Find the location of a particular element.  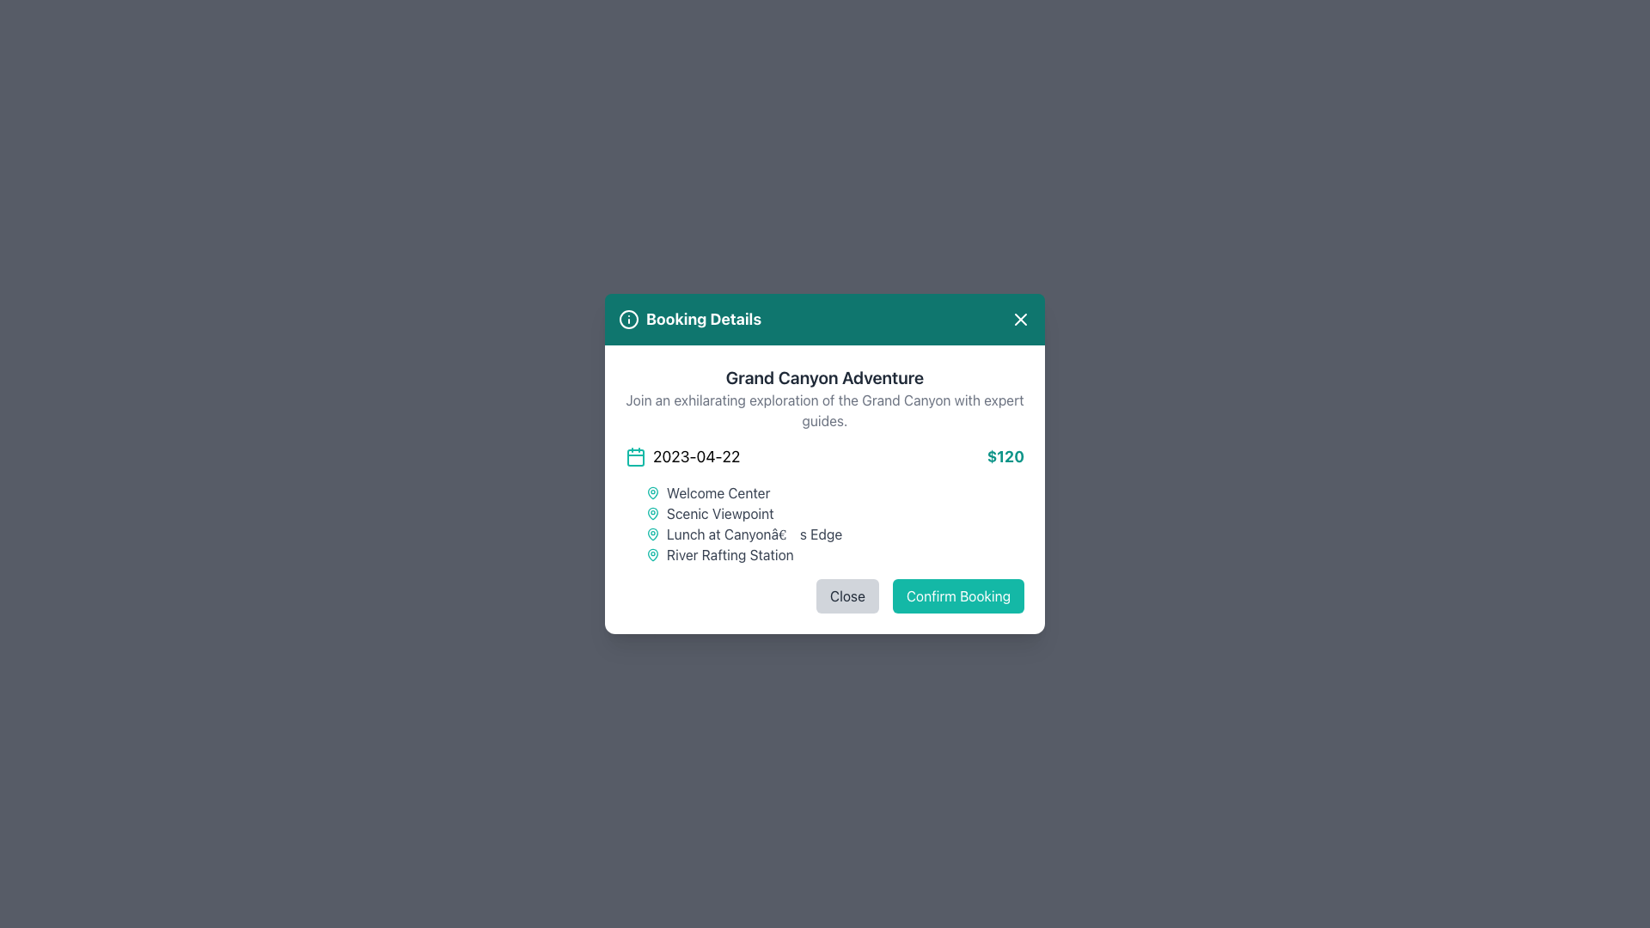

the decorative circle icon located at the top-left corner of the 'Booking Details' header in the popup window is located at coordinates (627, 319).